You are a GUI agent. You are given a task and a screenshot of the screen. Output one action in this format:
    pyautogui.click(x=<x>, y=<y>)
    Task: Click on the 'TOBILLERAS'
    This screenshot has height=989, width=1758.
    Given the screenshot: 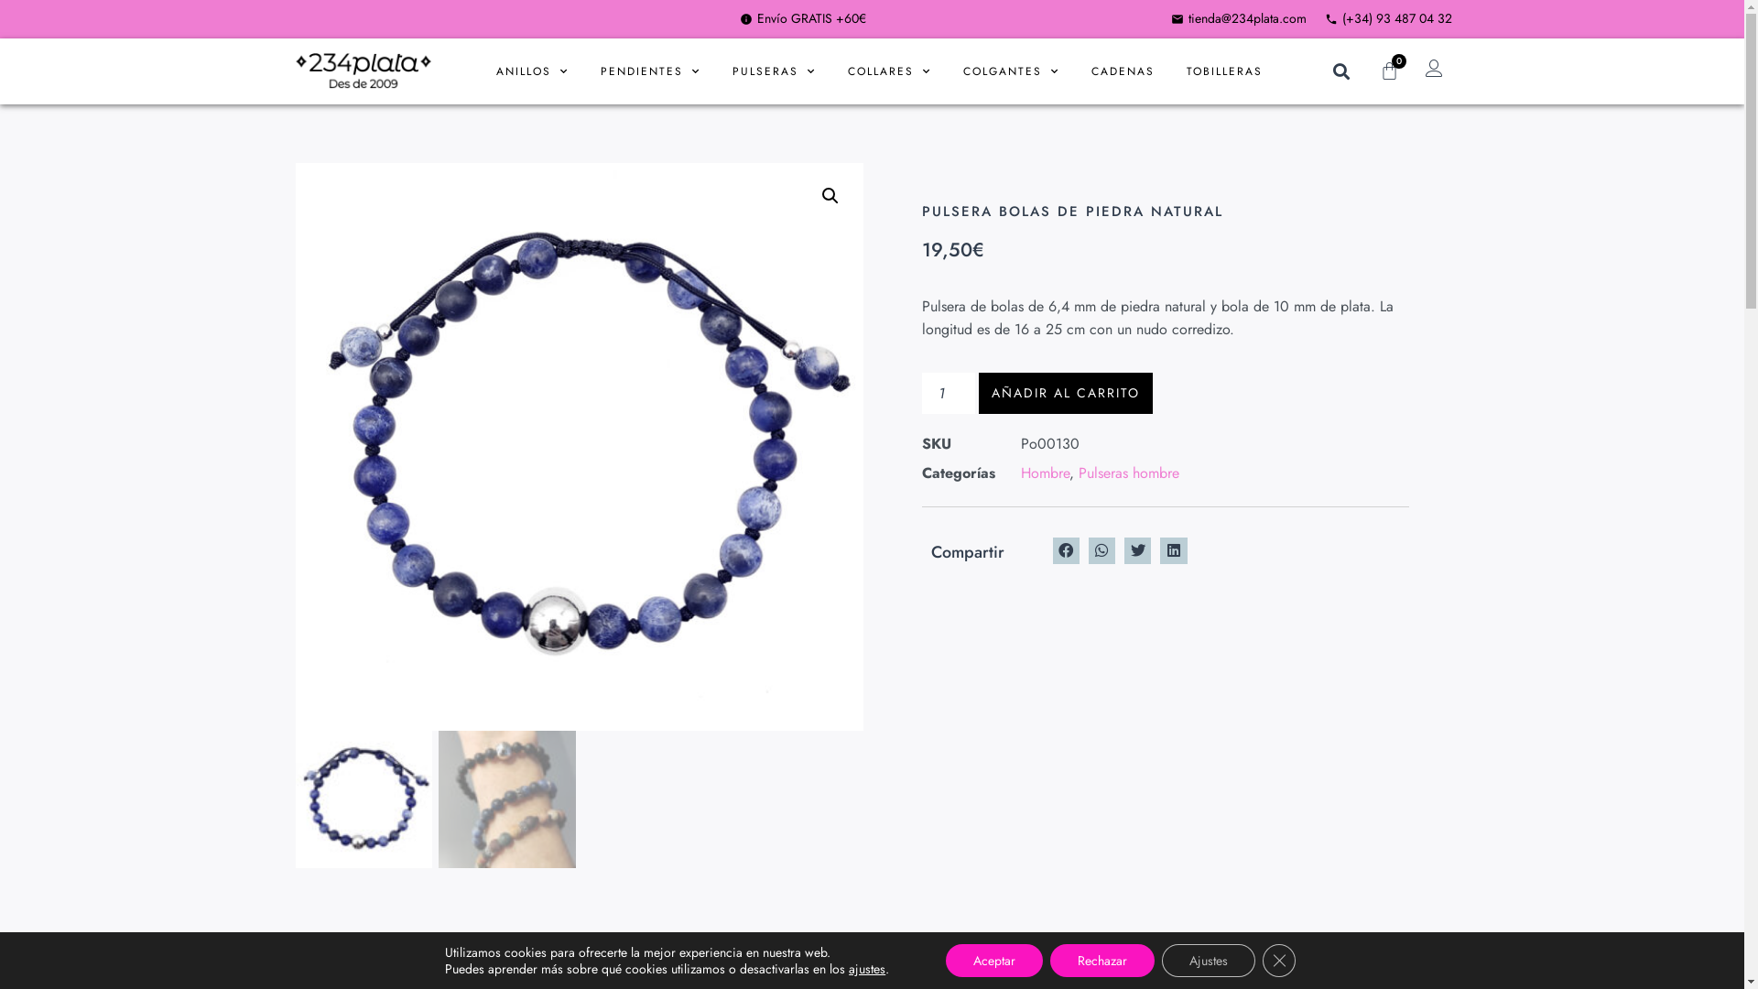 What is the action you would take?
    pyautogui.click(x=1224, y=70)
    